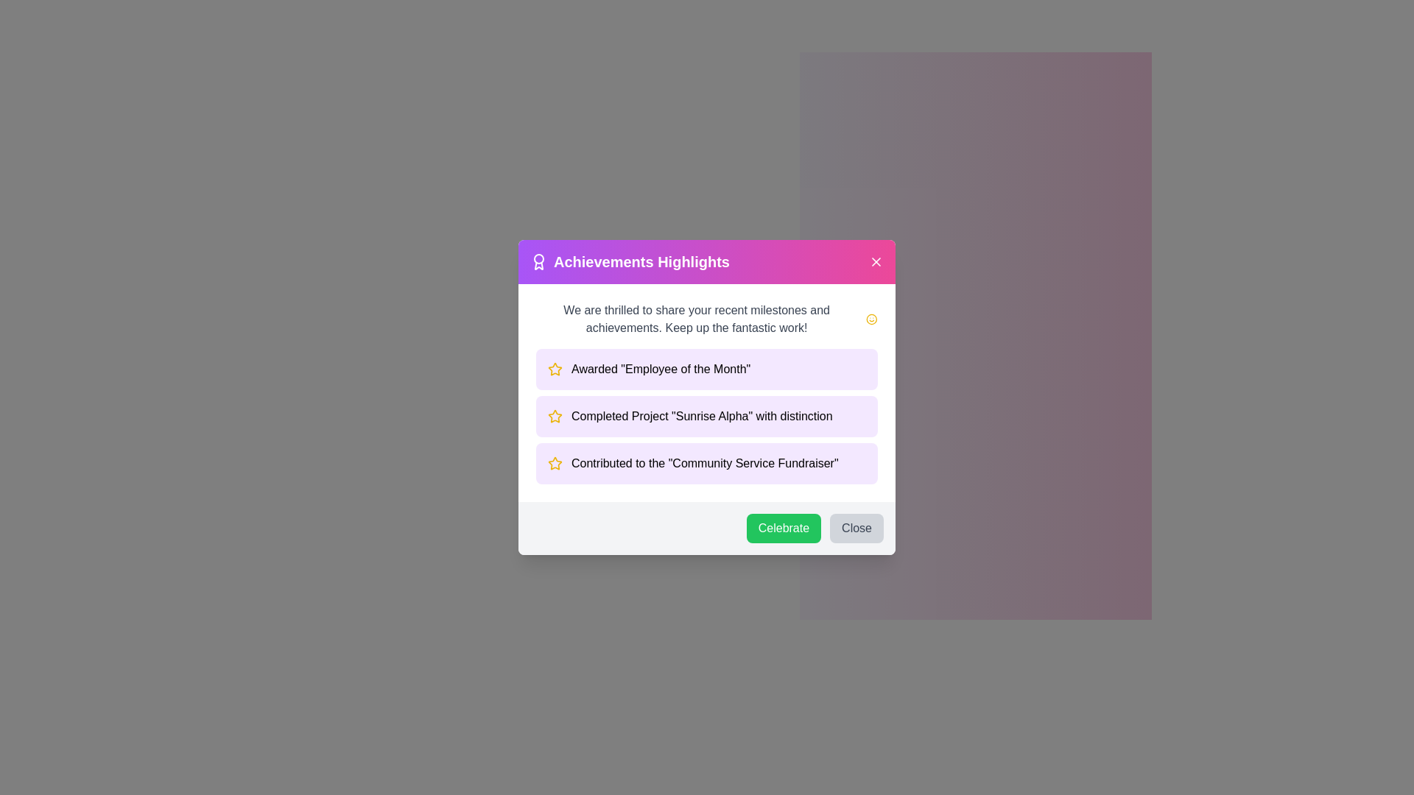  What do you see at coordinates (707, 261) in the screenshot?
I see `the modal title by clicking on the Header bar located at the top of the modal window` at bounding box center [707, 261].